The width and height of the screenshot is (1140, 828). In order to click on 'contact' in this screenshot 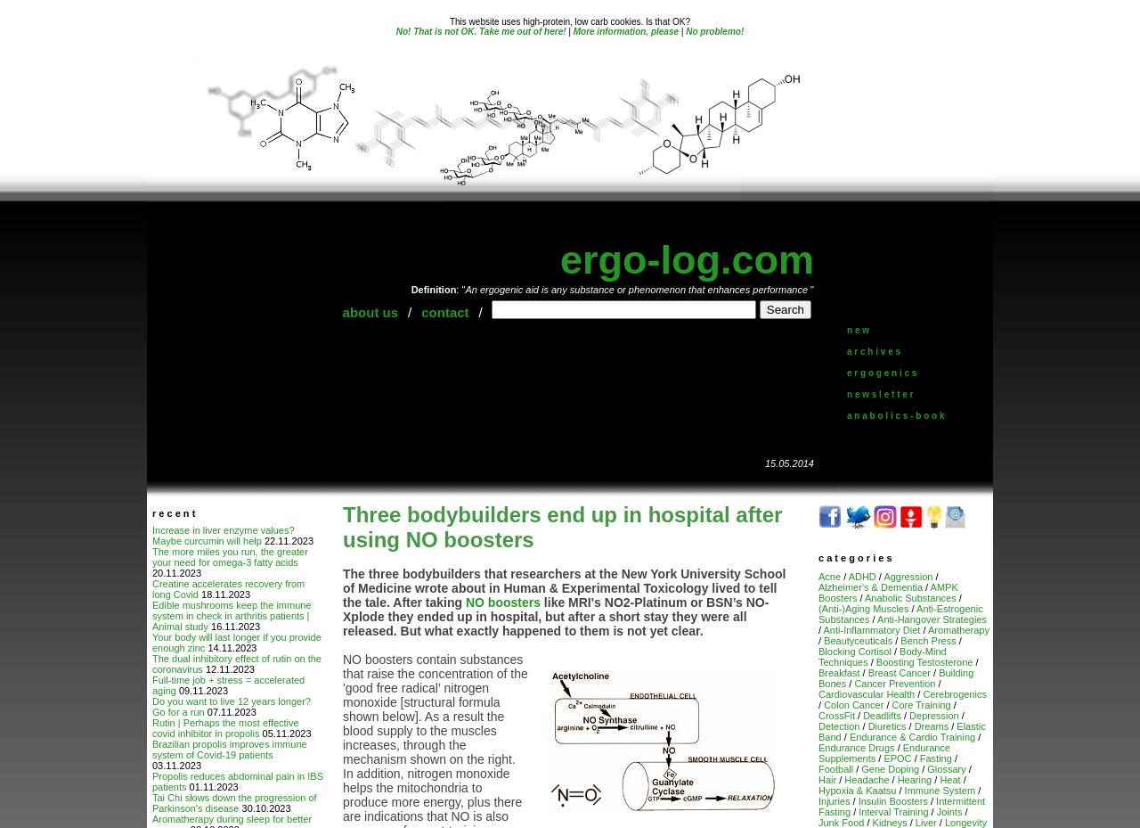, I will do `click(419, 312)`.